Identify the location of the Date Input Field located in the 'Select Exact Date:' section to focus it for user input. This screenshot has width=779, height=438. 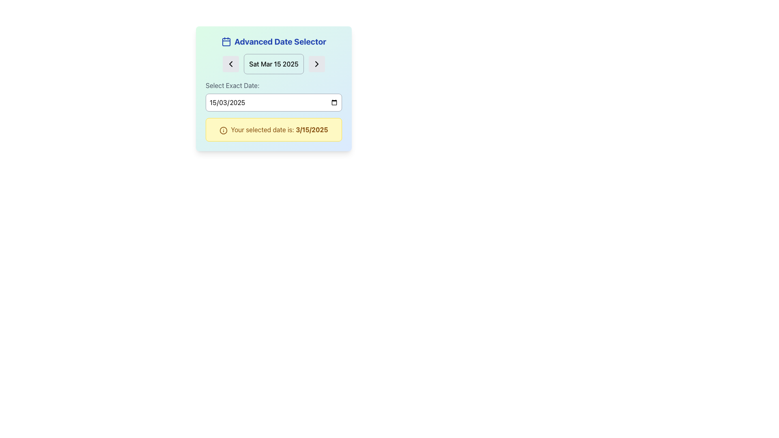
(274, 102).